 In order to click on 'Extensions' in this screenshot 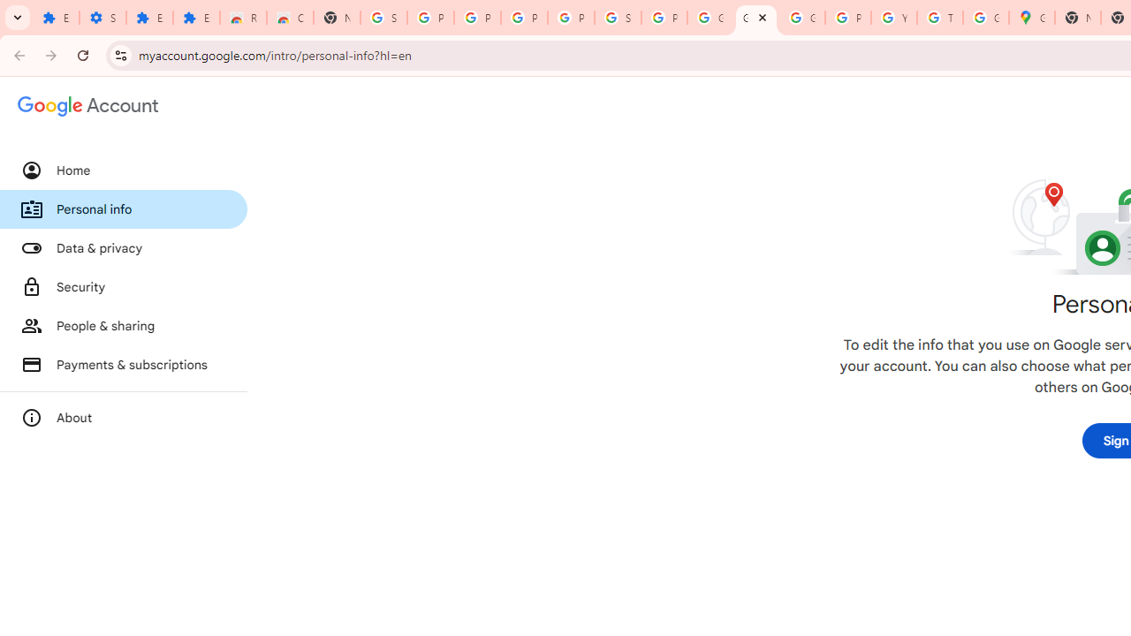, I will do `click(149, 18)`.